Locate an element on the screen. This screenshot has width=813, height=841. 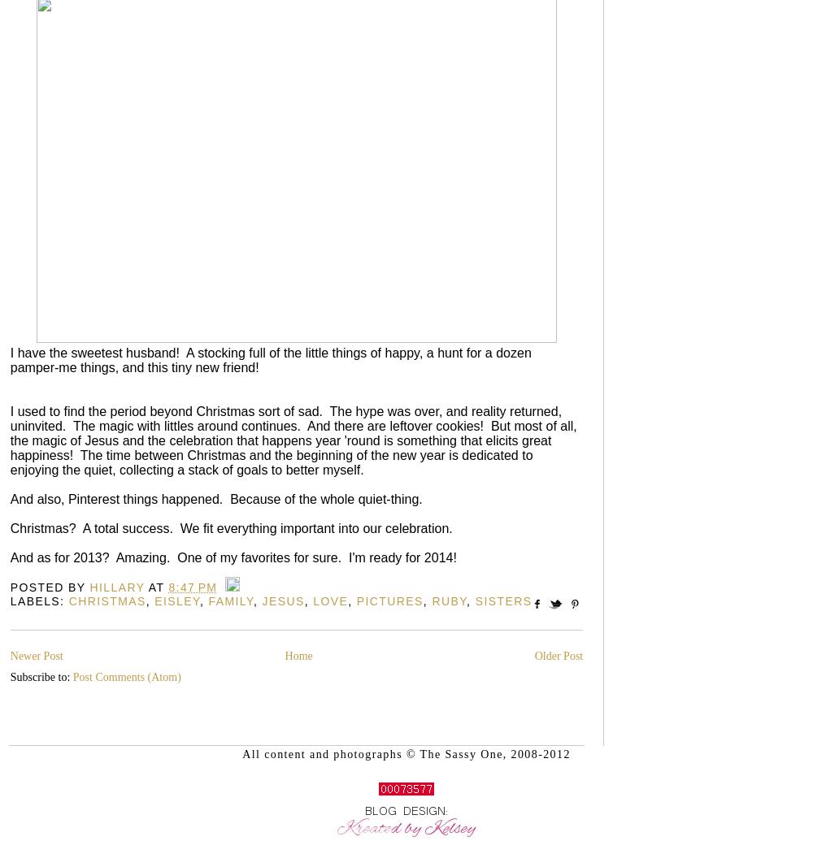
'And also, Pinterest things happened.  Because of the whole quiet-thing.' is located at coordinates (220, 497).